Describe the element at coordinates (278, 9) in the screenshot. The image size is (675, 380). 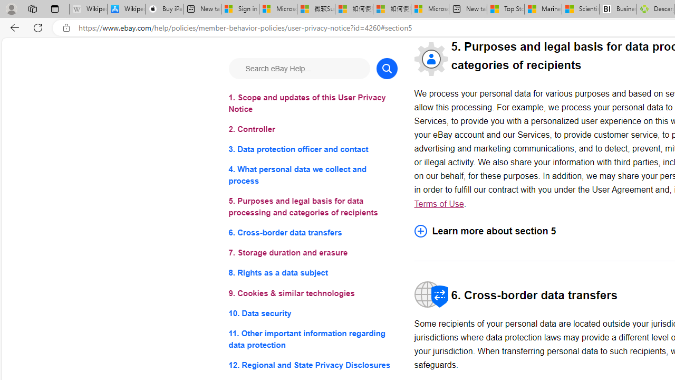
I see `'Microsoft Services Agreement'` at that location.